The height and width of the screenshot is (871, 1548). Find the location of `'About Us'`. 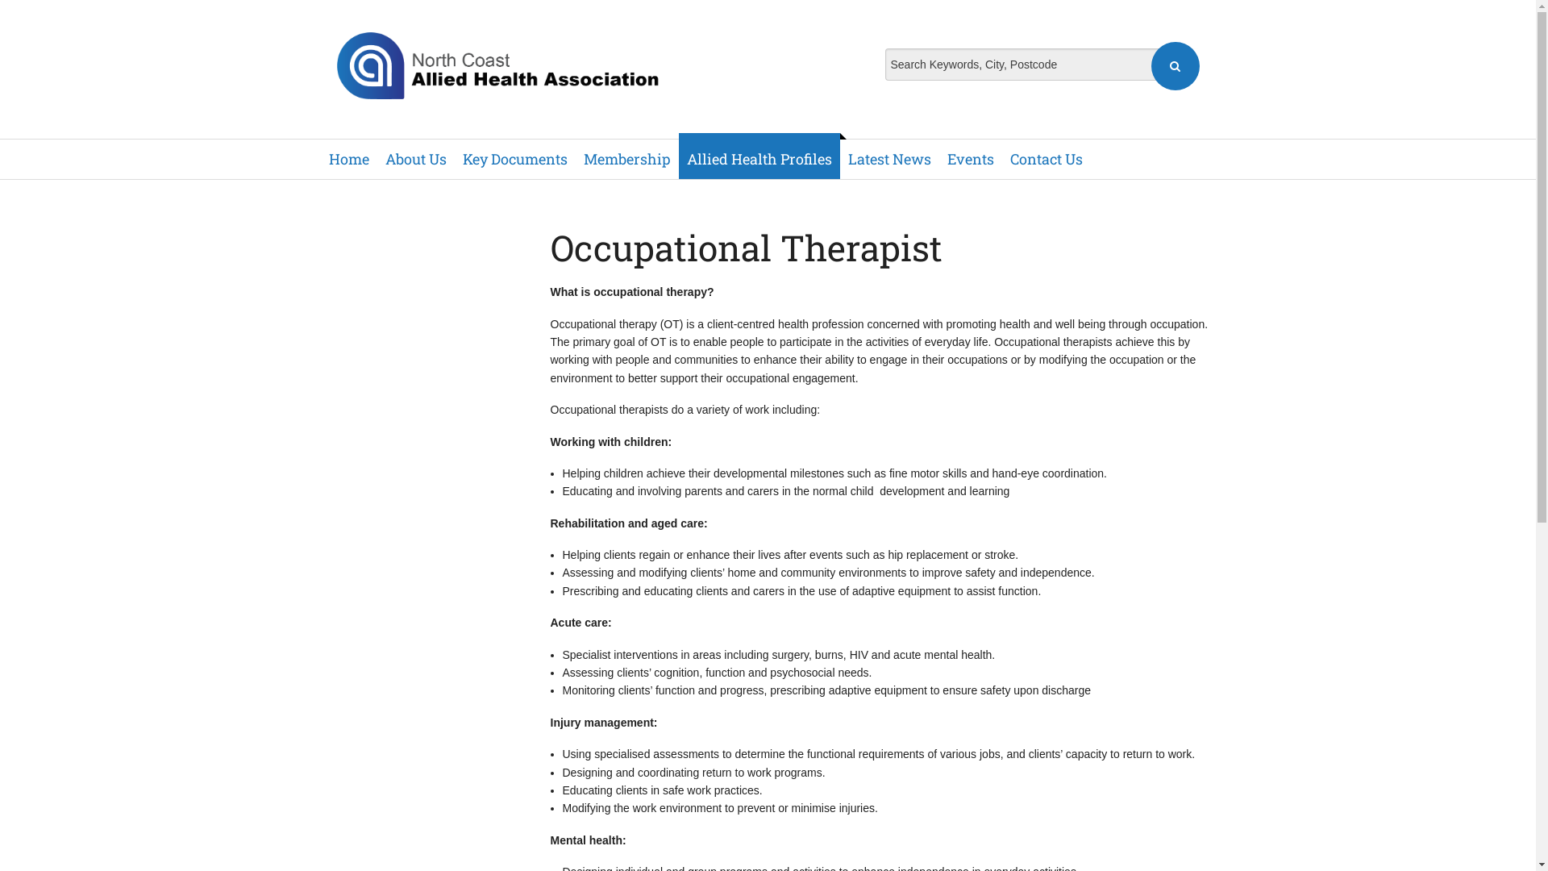

'About Us' is located at coordinates (376, 159).